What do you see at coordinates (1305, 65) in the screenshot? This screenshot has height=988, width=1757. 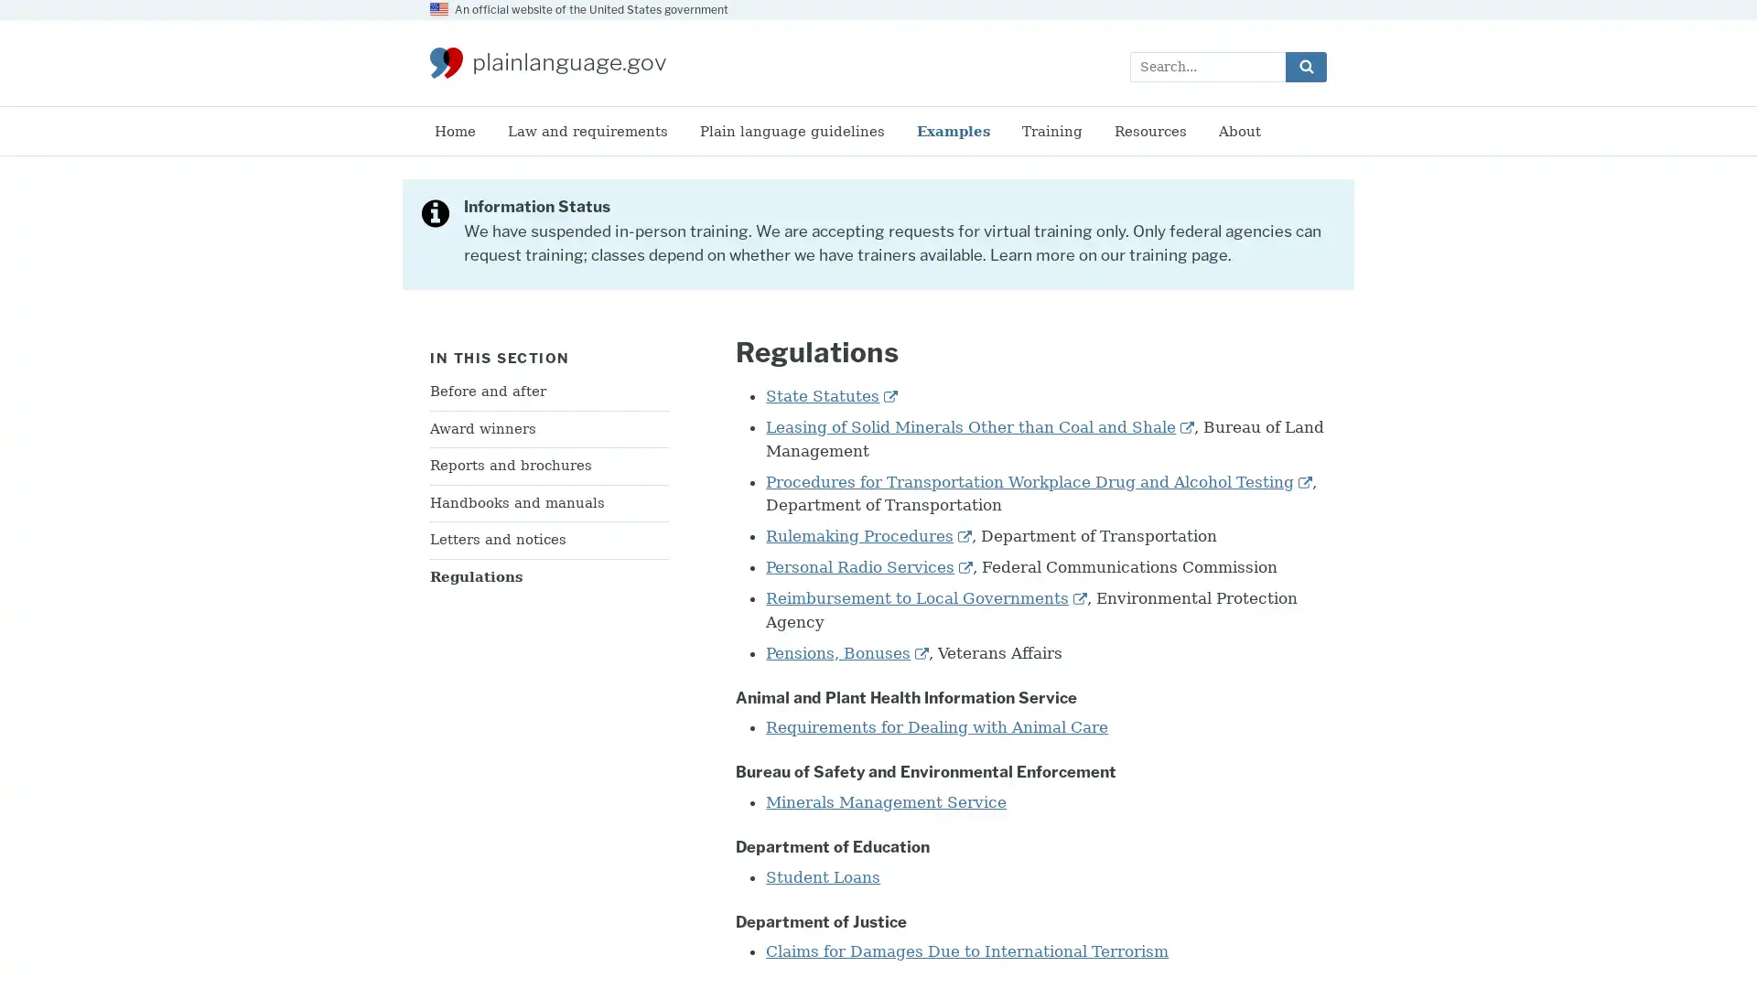 I see `Search` at bounding box center [1305, 65].